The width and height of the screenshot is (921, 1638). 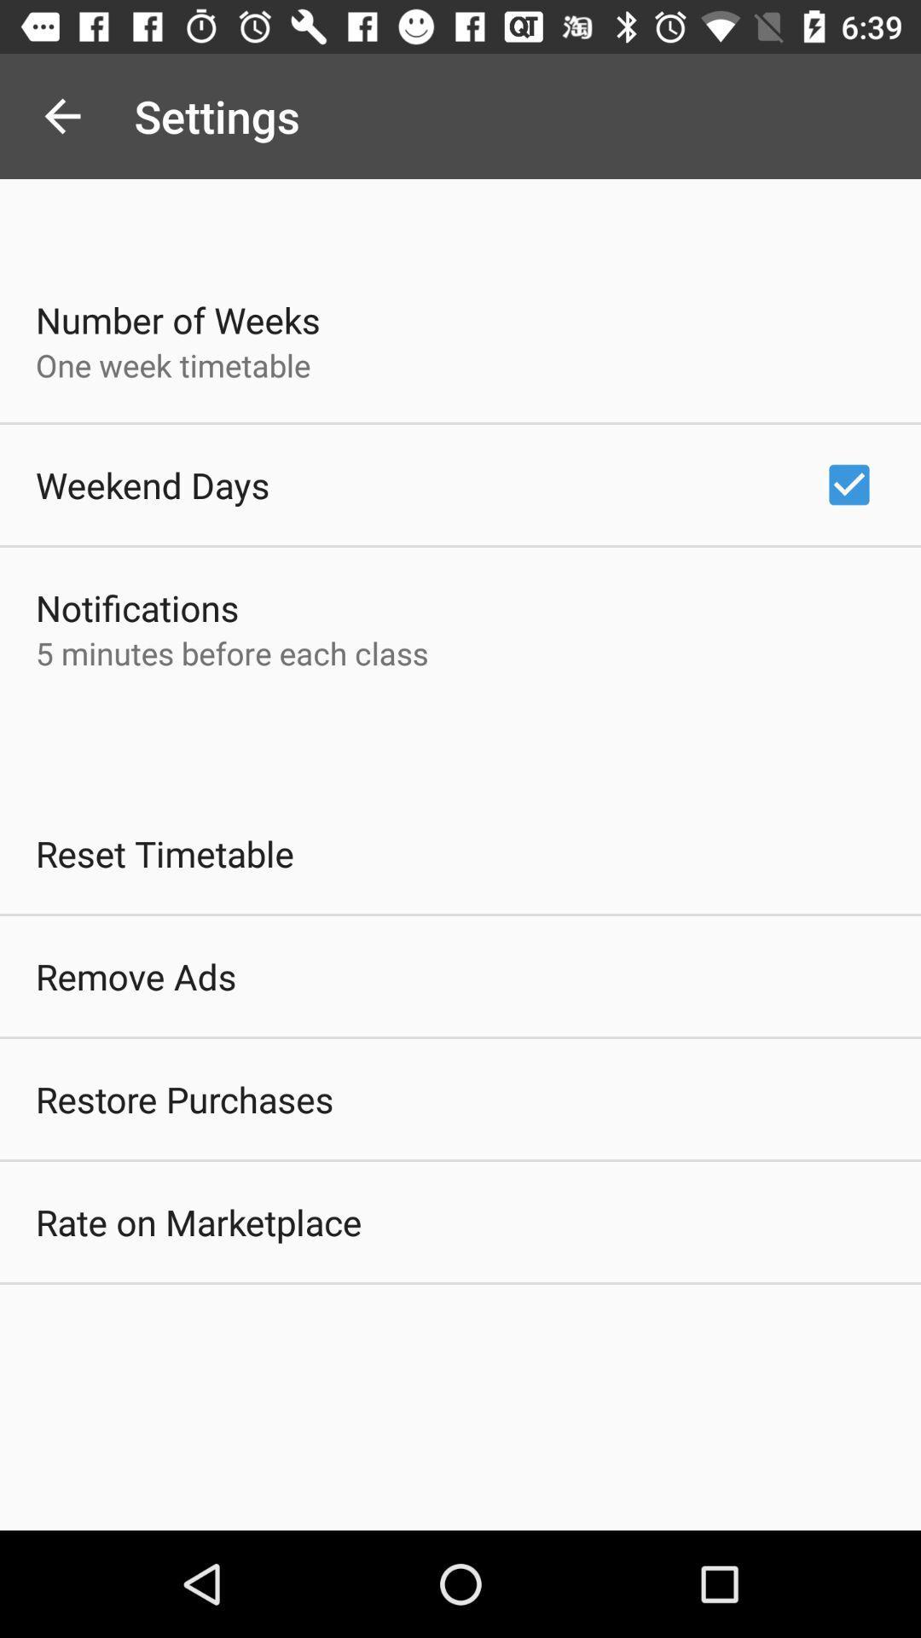 I want to click on app above weekend days, so click(x=173, y=364).